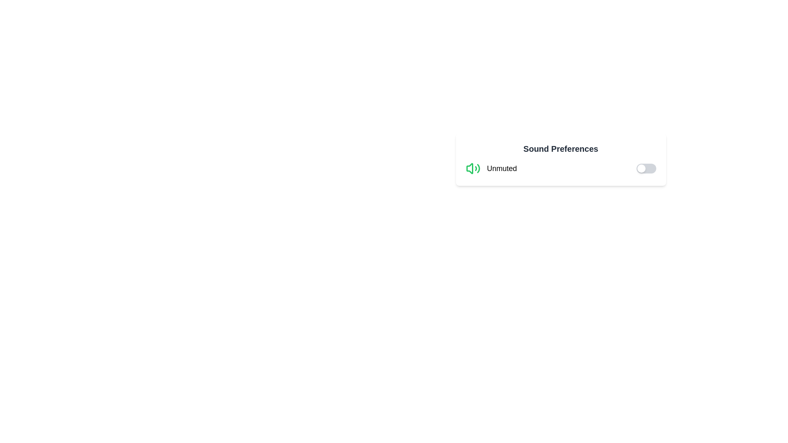  Describe the element at coordinates (560, 148) in the screenshot. I see `the bold text label reading 'Sound Preferences' located at the top of a card-like section` at that location.